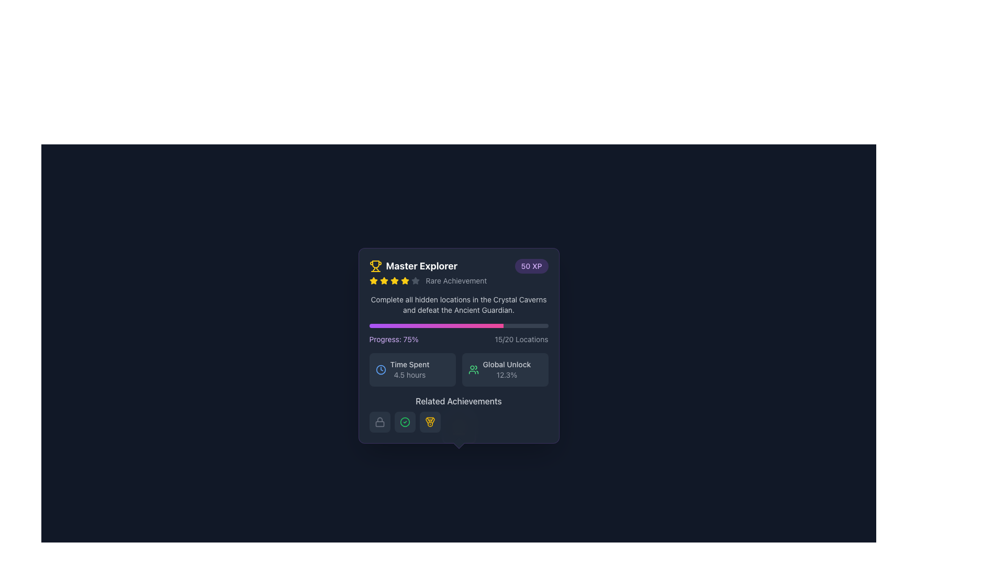 This screenshot has height=565, width=1005. What do you see at coordinates (375, 266) in the screenshot?
I see `the golden trophy icon representing an achievement, located near the text 'Master Explorer' in the top-left corner of the prominent card` at bounding box center [375, 266].